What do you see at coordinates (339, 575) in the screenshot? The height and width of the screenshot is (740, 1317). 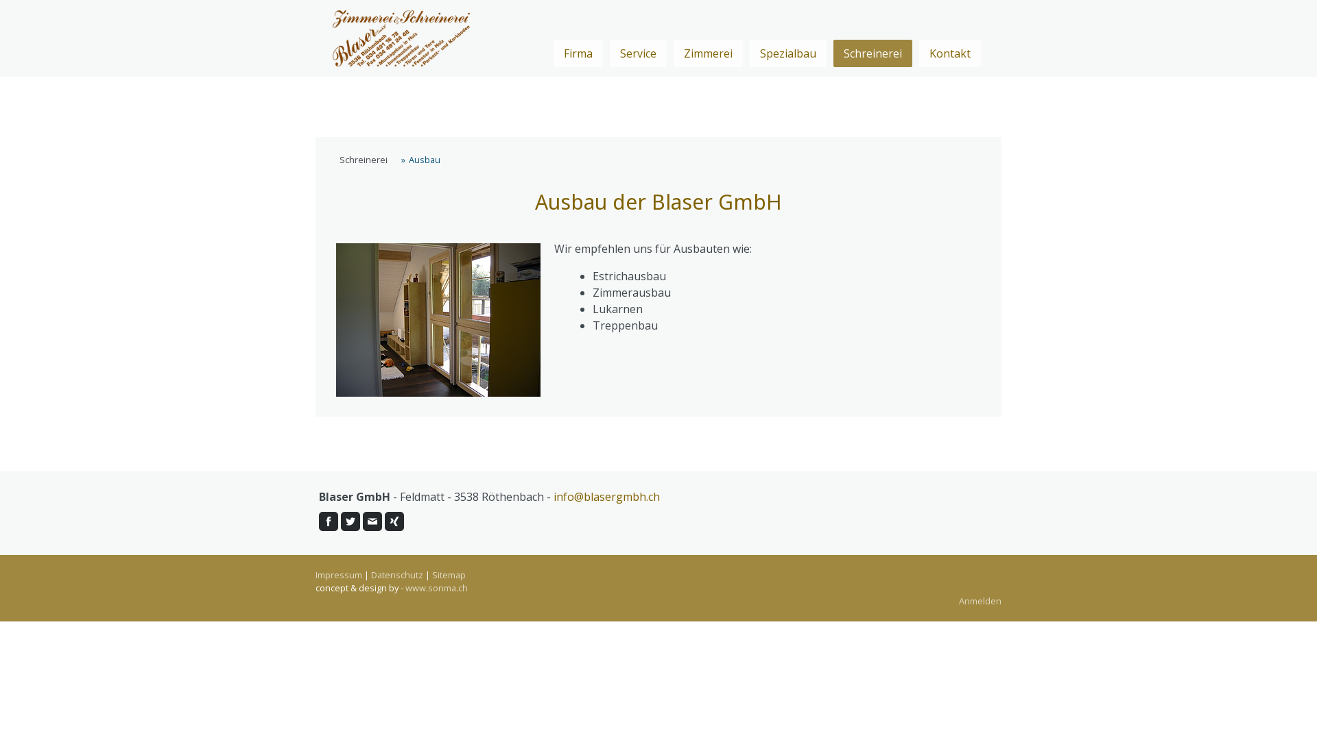 I see `'Impressum'` at bounding box center [339, 575].